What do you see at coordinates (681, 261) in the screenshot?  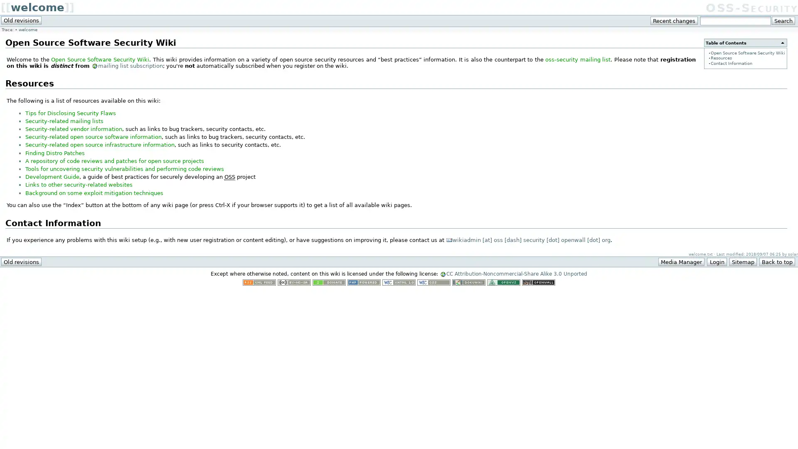 I see `Media Manager` at bounding box center [681, 261].